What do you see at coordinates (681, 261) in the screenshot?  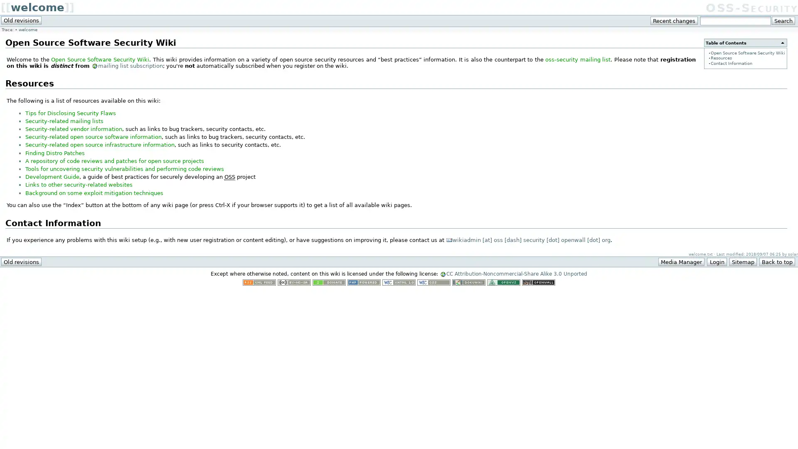 I see `Media Manager` at bounding box center [681, 261].